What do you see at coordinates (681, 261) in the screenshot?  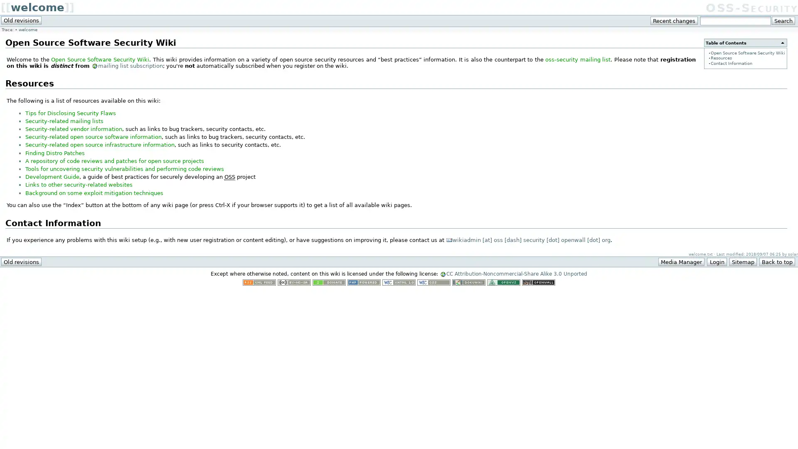 I see `Media Manager` at bounding box center [681, 261].